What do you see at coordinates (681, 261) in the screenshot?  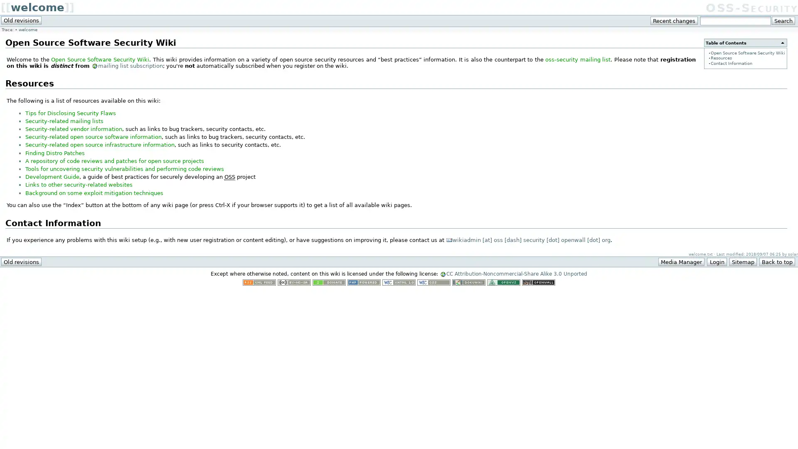 I see `Media Manager` at bounding box center [681, 261].